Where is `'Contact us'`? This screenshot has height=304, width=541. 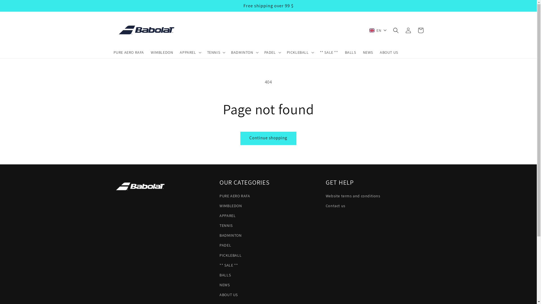
'Contact us' is located at coordinates (335, 206).